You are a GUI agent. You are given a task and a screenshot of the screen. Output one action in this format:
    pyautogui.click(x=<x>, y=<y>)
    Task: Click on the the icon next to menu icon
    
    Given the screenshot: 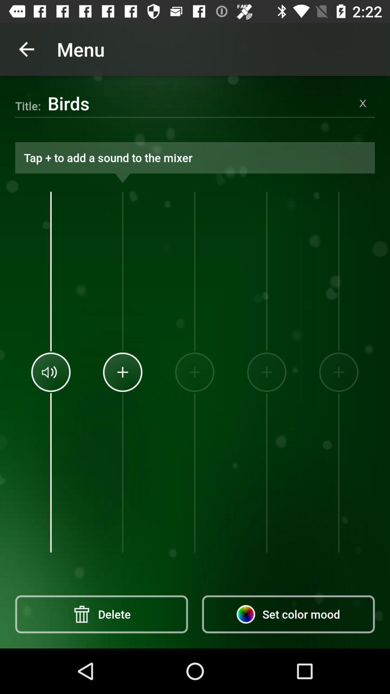 What is the action you would take?
    pyautogui.click(x=26, y=49)
    